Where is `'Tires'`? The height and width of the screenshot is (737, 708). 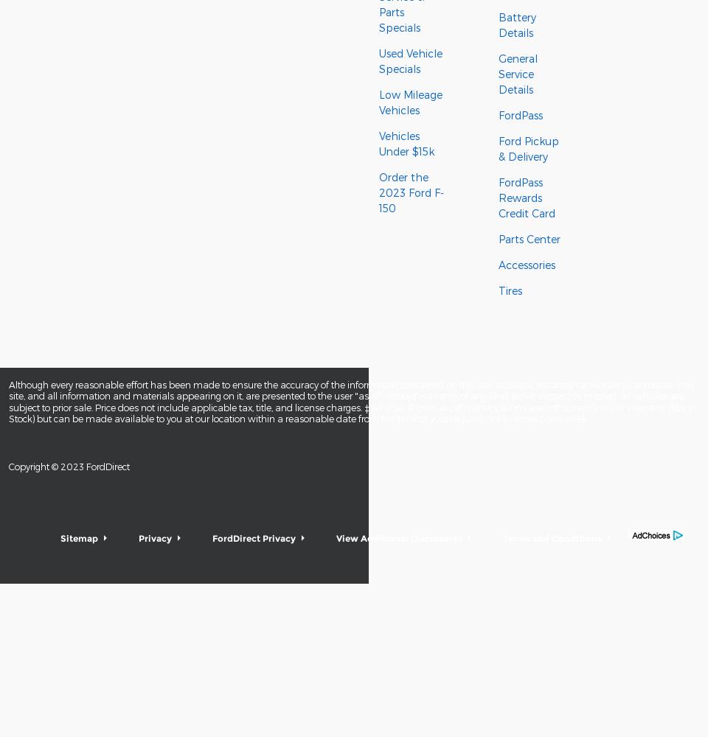
'Tires' is located at coordinates (510, 290).